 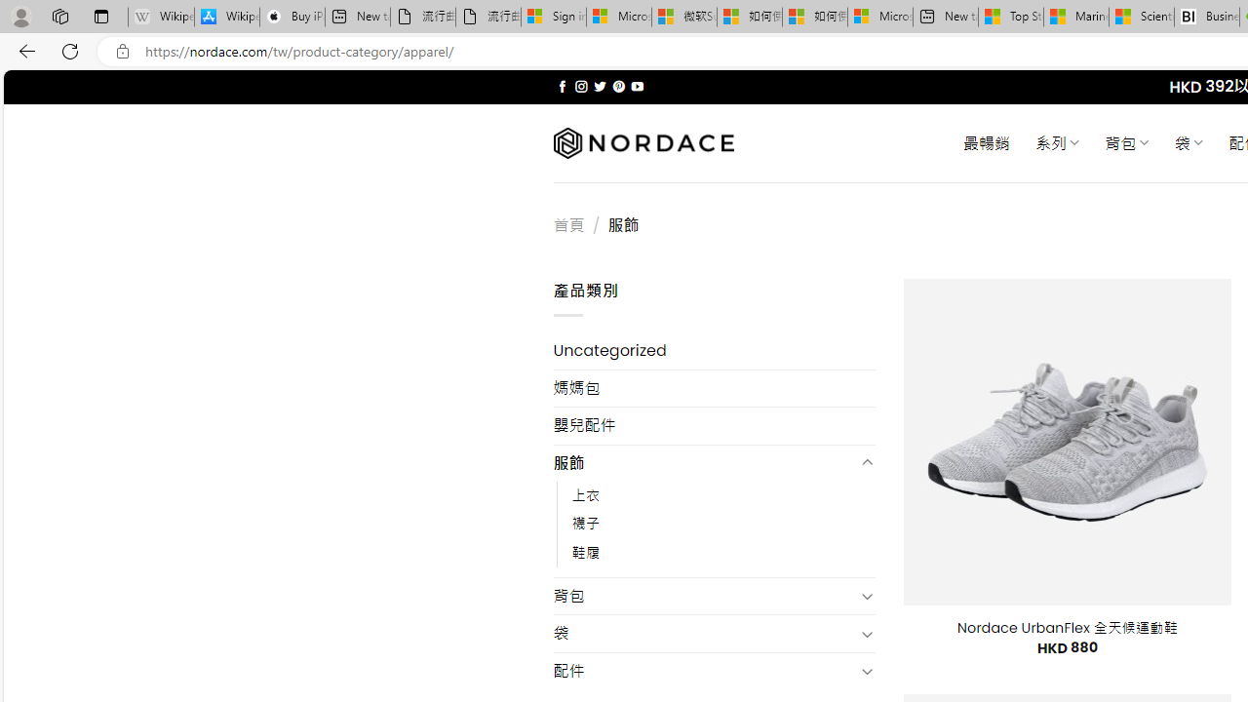 What do you see at coordinates (643, 142) in the screenshot?
I see `'Nordace'` at bounding box center [643, 142].